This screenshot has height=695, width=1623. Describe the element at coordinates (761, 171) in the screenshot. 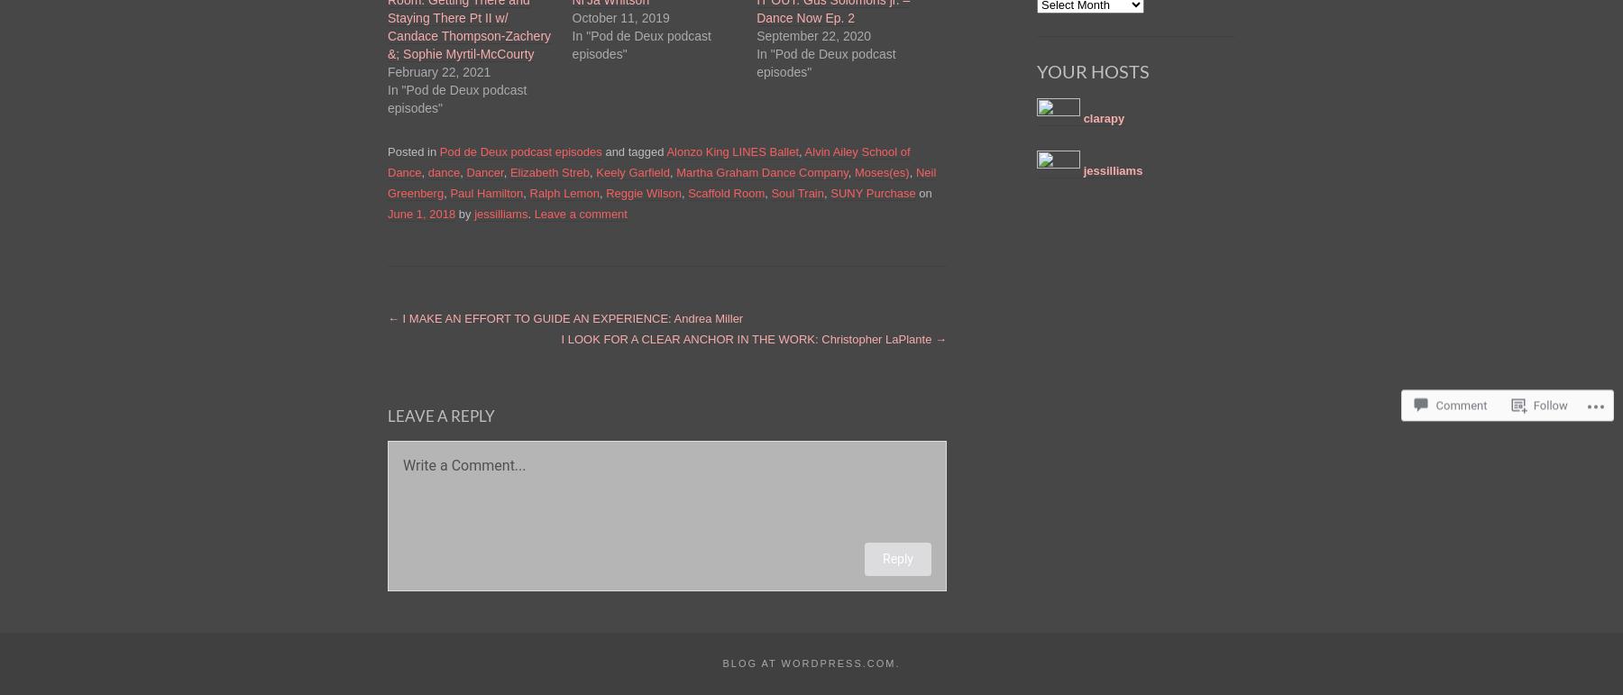

I see `'Martha Graham Dance Company'` at that location.